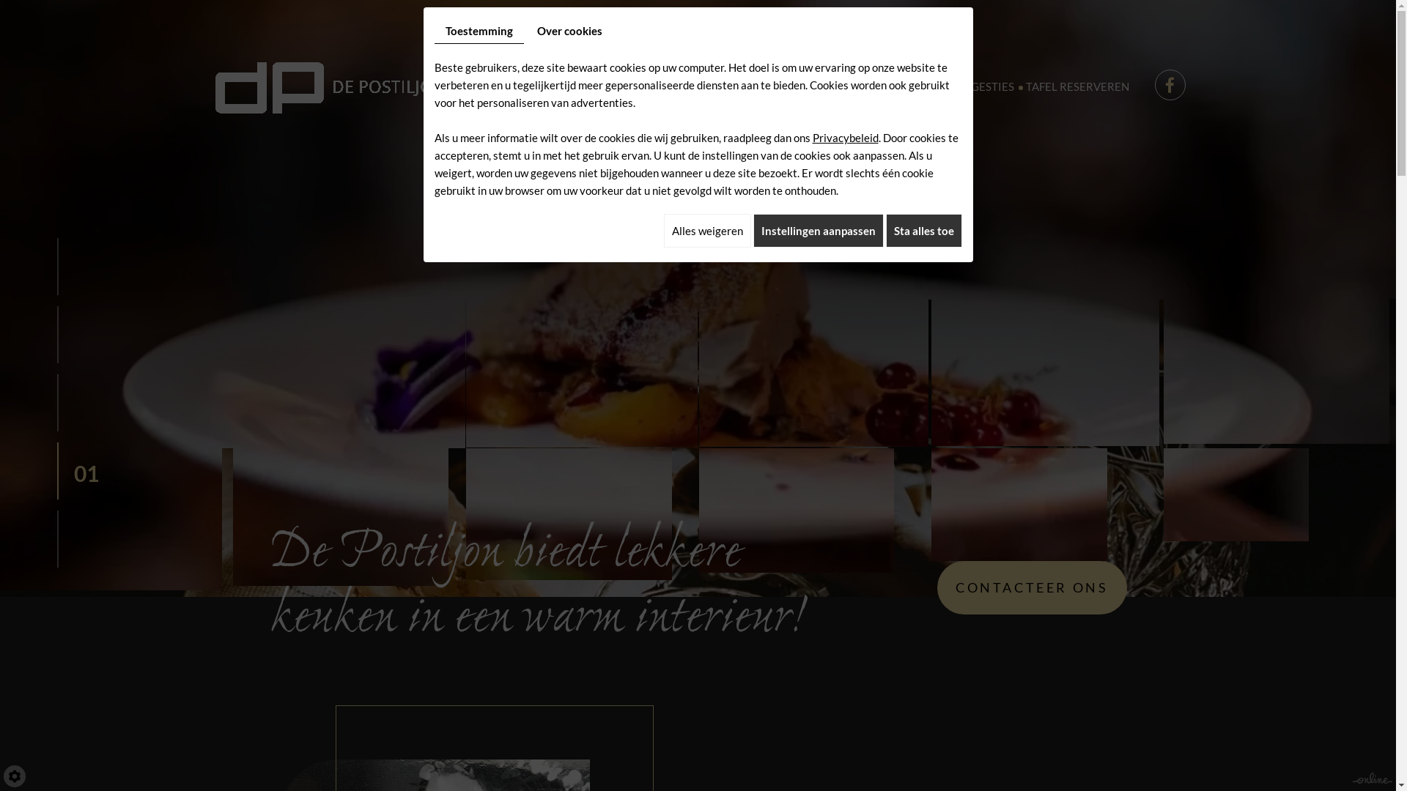 The image size is (1407, 791). I want to click on 'SUGGESTIES', so click(981, 86).